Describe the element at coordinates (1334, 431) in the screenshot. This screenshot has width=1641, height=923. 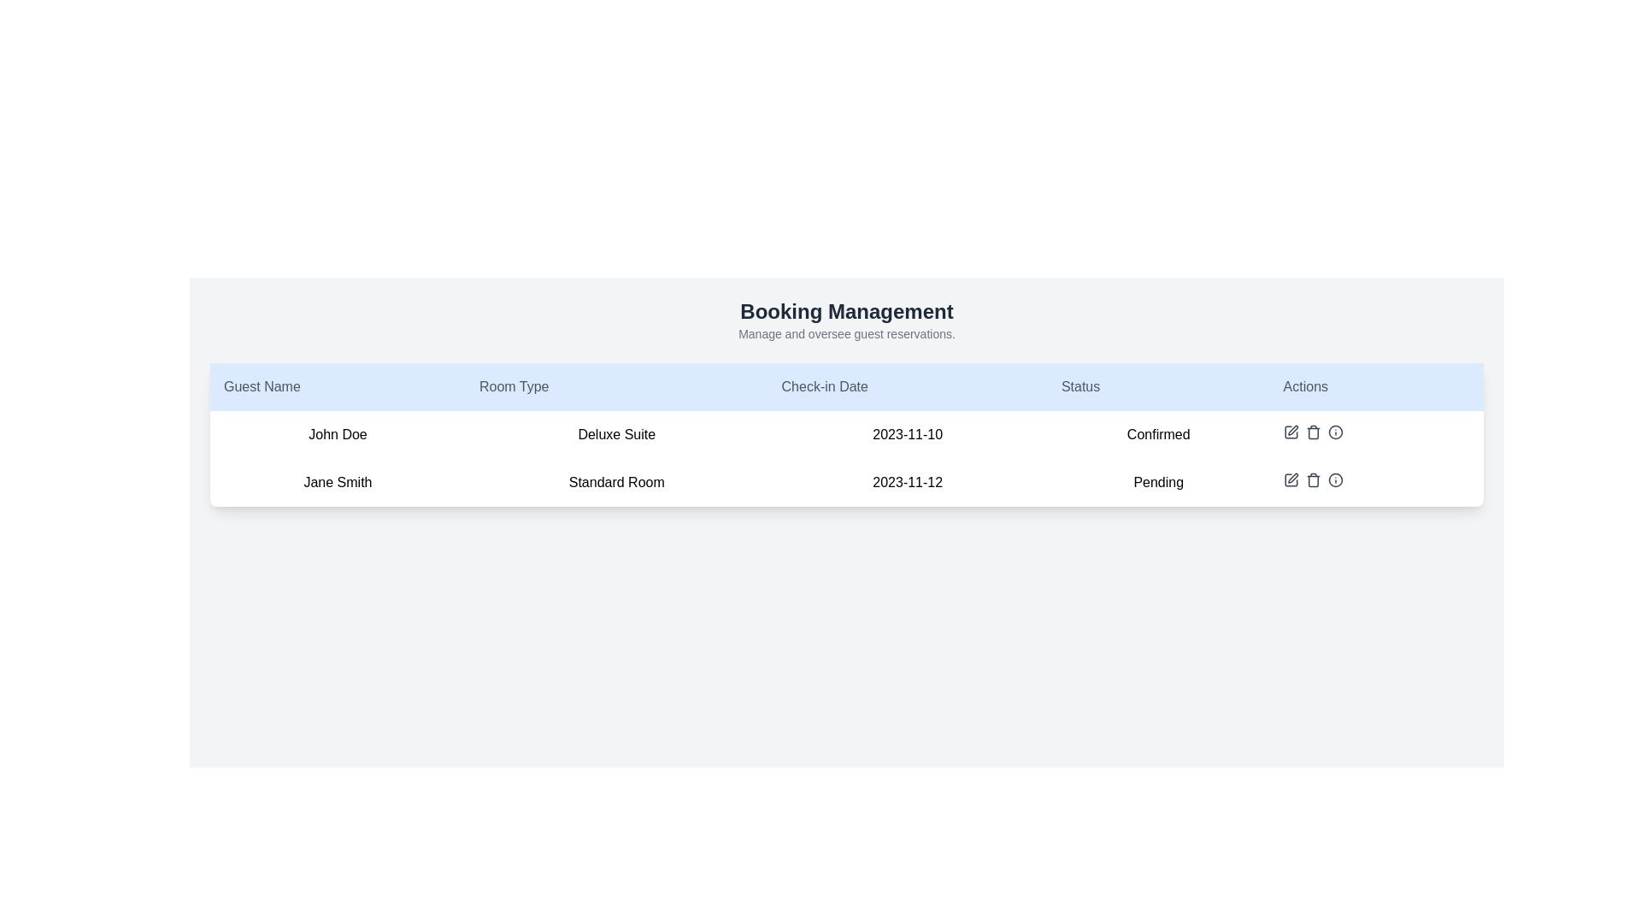
I see `the icon button in the 'Actions' column of the second row in the Booking Management table to change its color` at that location.